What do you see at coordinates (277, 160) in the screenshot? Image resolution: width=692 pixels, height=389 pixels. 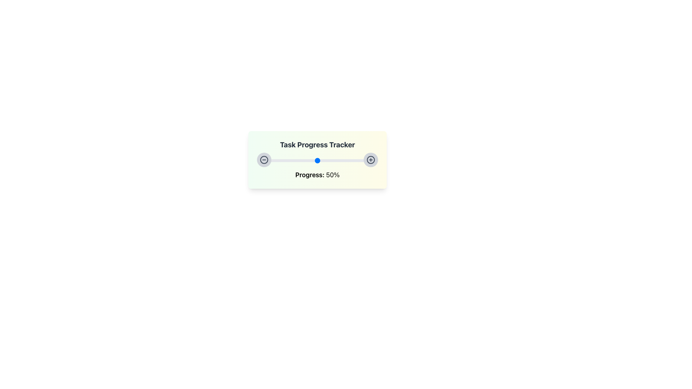 I see `the slider` at bounding box center [277, 160].